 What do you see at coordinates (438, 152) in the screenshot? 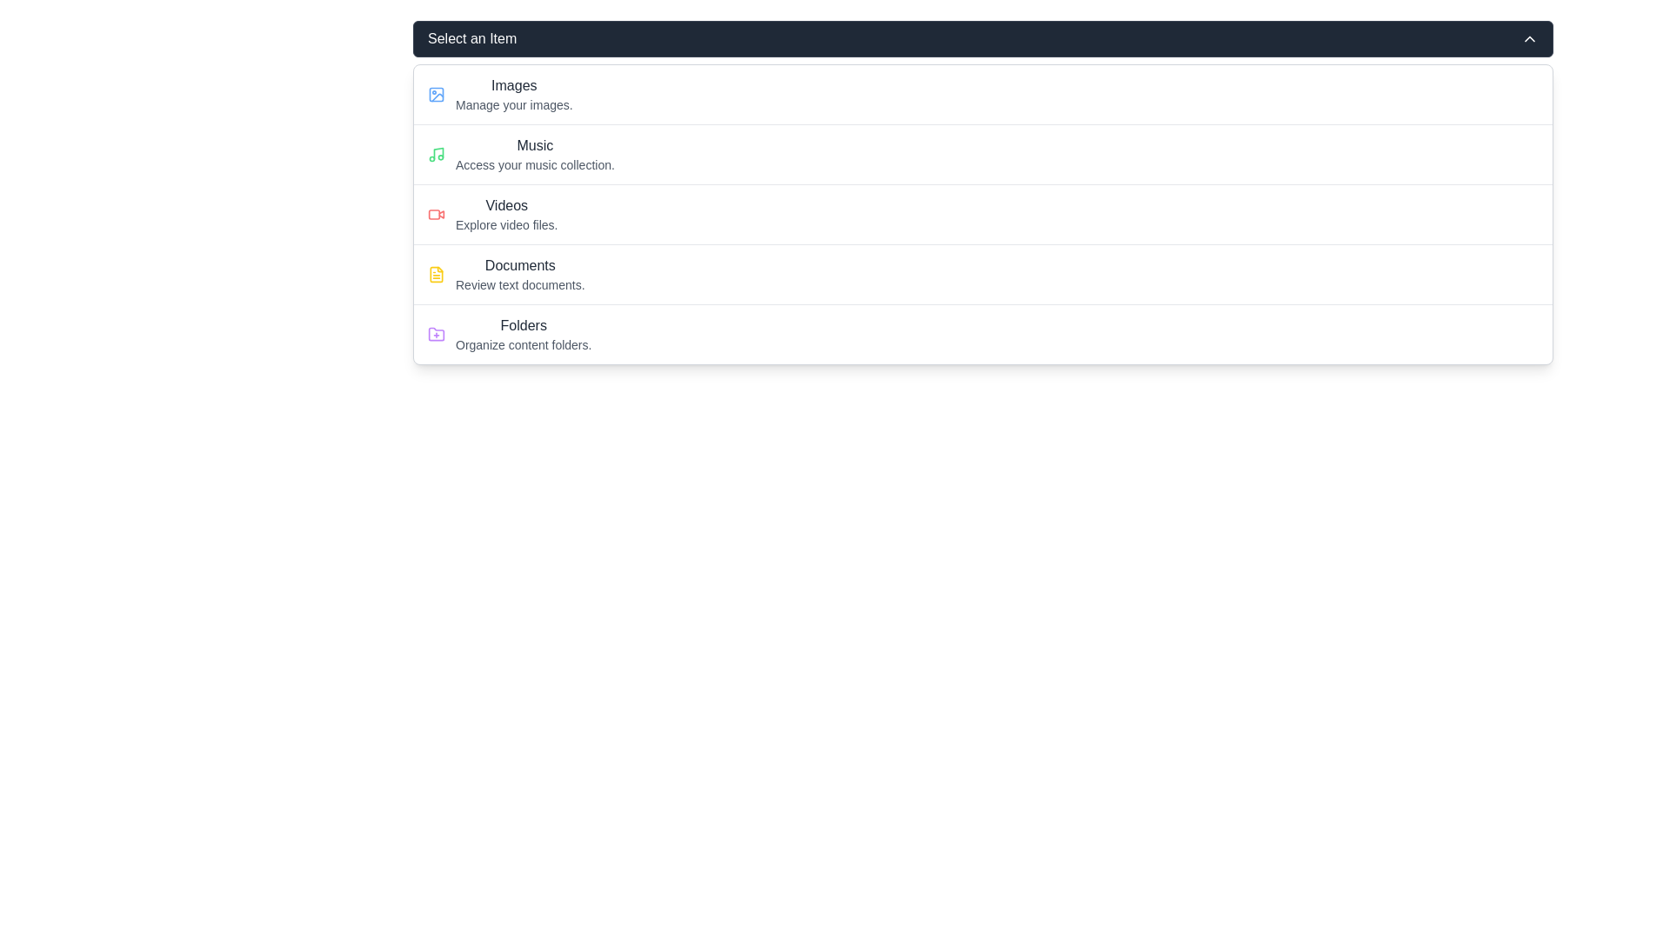
I see `the green vertical line icon of the musical note in the 'Music' list item` at bounding box center [438, 152].